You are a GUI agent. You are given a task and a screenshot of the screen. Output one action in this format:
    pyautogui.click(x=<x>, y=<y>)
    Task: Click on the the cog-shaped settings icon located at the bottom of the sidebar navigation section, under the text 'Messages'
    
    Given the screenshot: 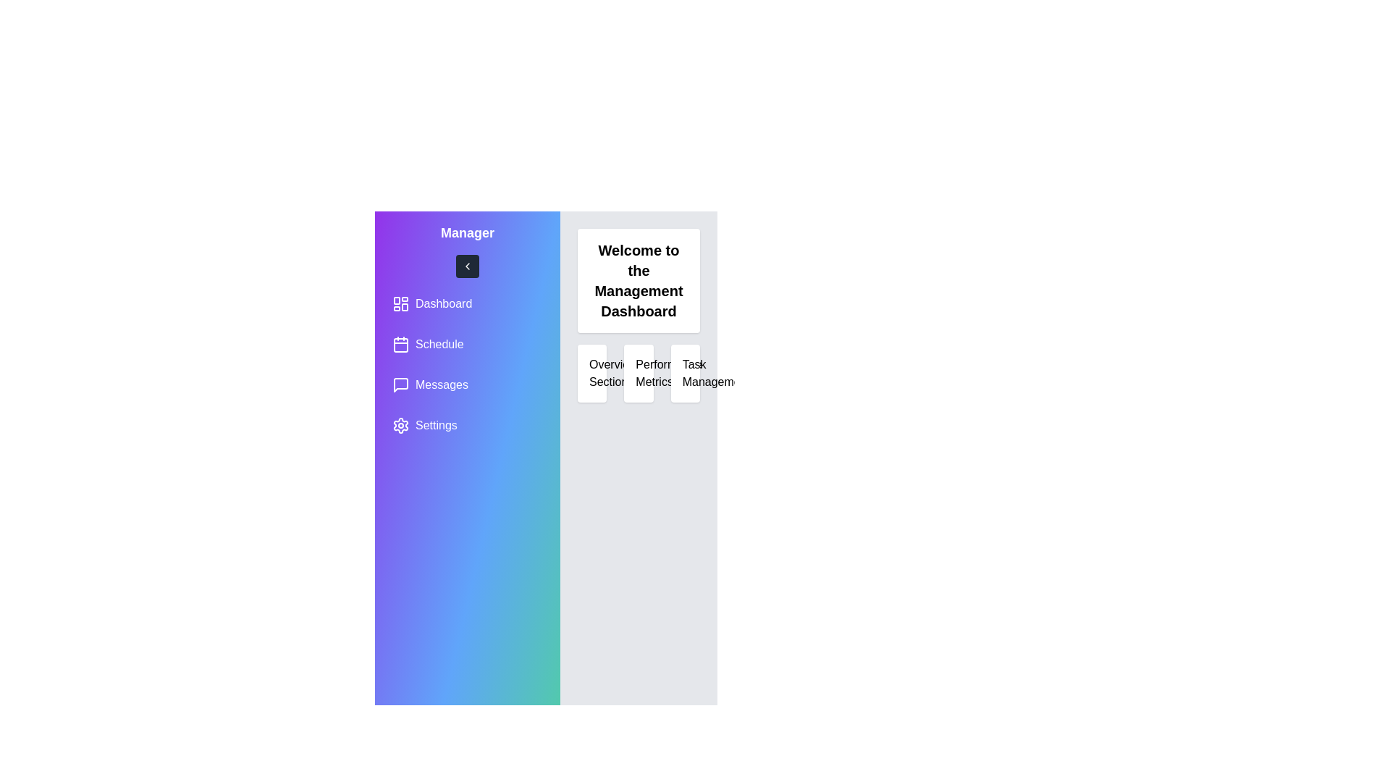 What is the action you would take?
    pyautogui.click(x=400, y=424)
    